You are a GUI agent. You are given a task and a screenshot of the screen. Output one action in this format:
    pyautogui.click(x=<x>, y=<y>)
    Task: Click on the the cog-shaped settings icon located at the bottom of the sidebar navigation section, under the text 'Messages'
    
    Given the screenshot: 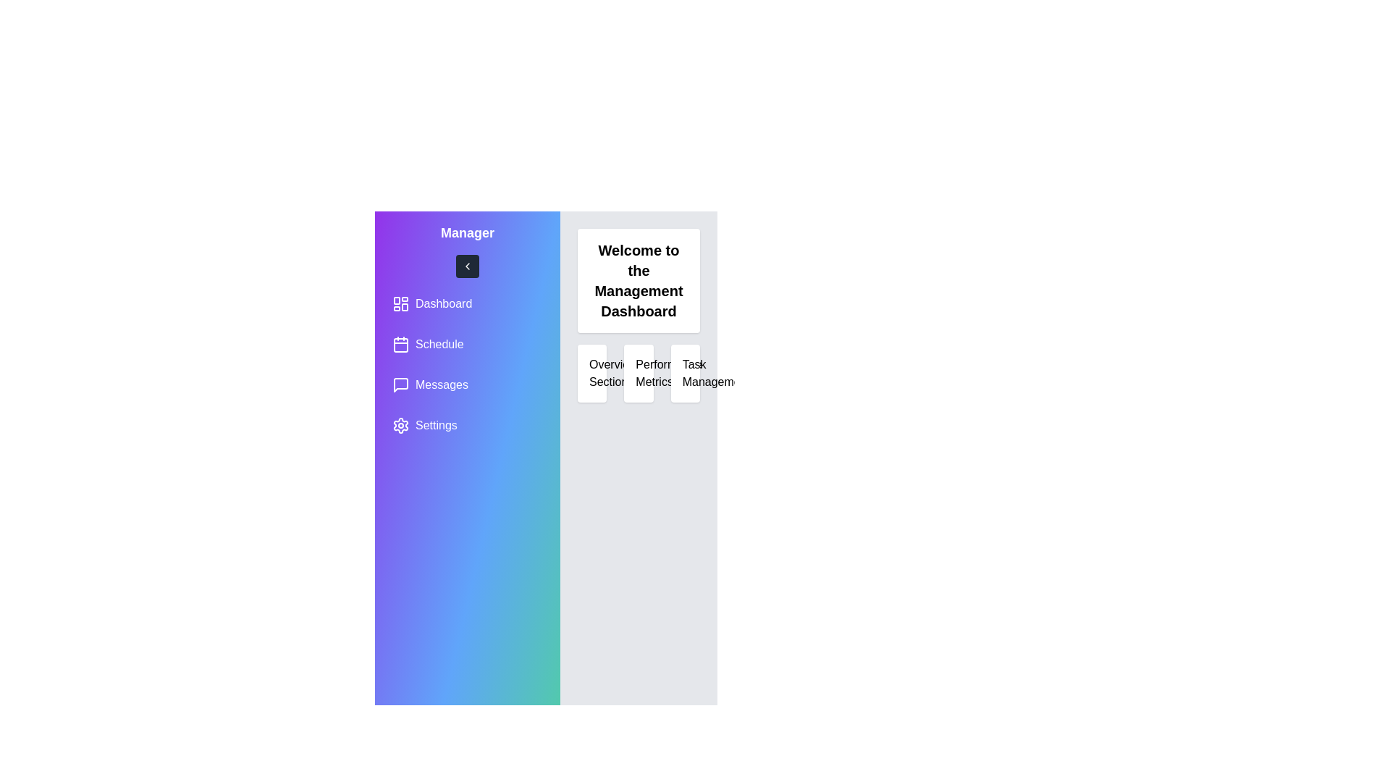 What is the action you would take?
    pyautogui.click(x=400, y=424)
    